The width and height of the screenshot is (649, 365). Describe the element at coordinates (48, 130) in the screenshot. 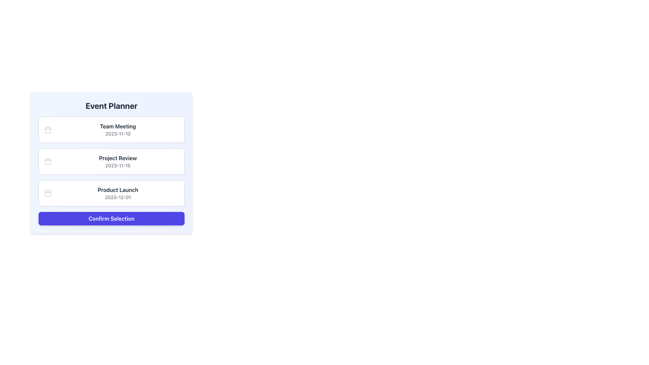

I see `the non-interactive calendar icon located in the top-left corner of the first row of events, specifically positioned left of 'Team Meeting' and above 'Project Review'` at that location.